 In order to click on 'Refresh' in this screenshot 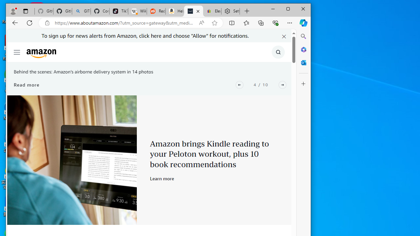, I will do `click(29, 22)`.